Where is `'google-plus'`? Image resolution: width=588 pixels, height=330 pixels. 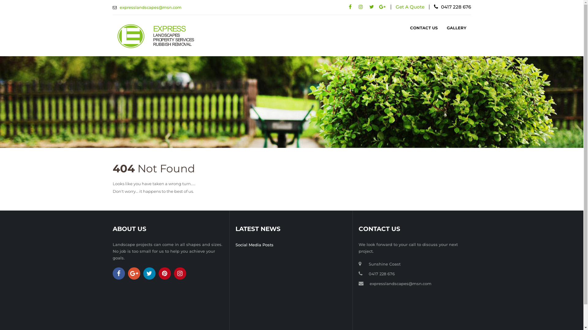 'google-plus' is located at coordinates (134, 273).